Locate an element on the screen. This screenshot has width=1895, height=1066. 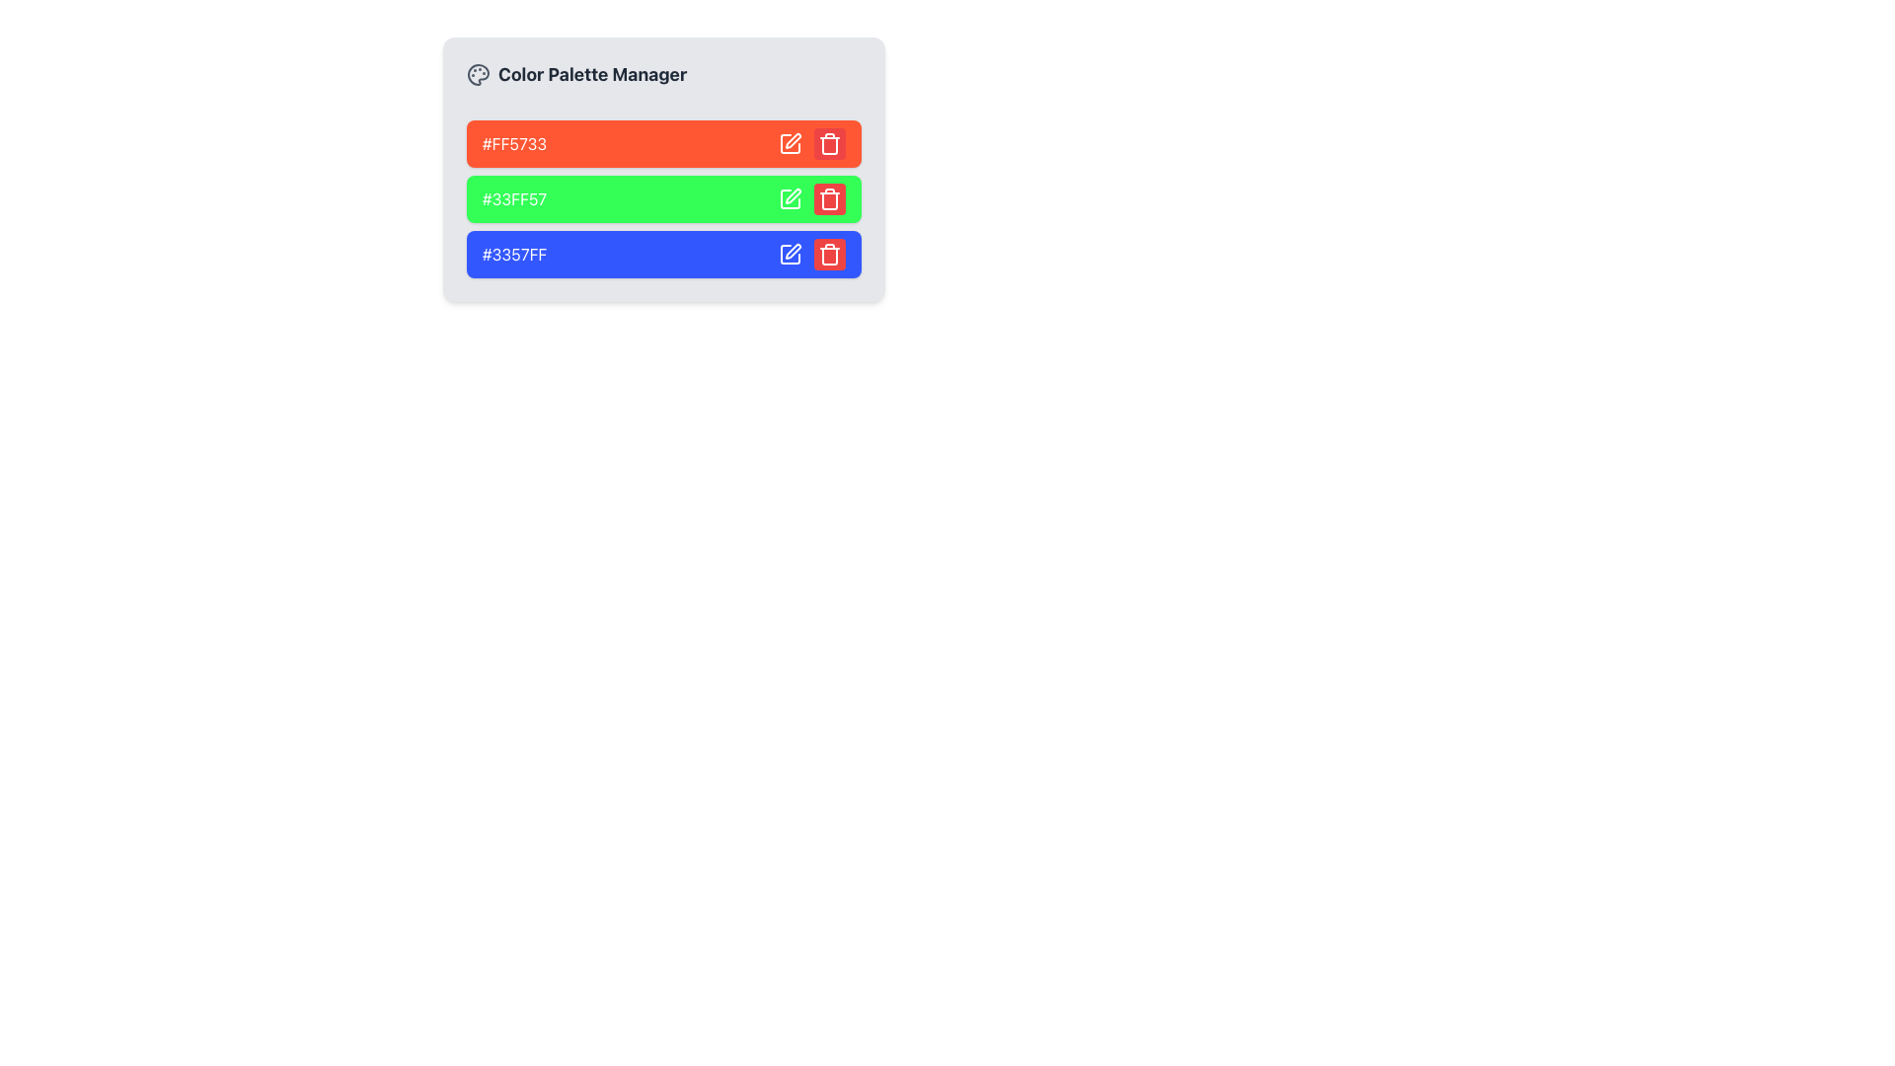
the color block represented by the second list item in the 'Color Palette Manager', which has a green background and displays the text '#33FF57' is located at coordinates (663, 198).